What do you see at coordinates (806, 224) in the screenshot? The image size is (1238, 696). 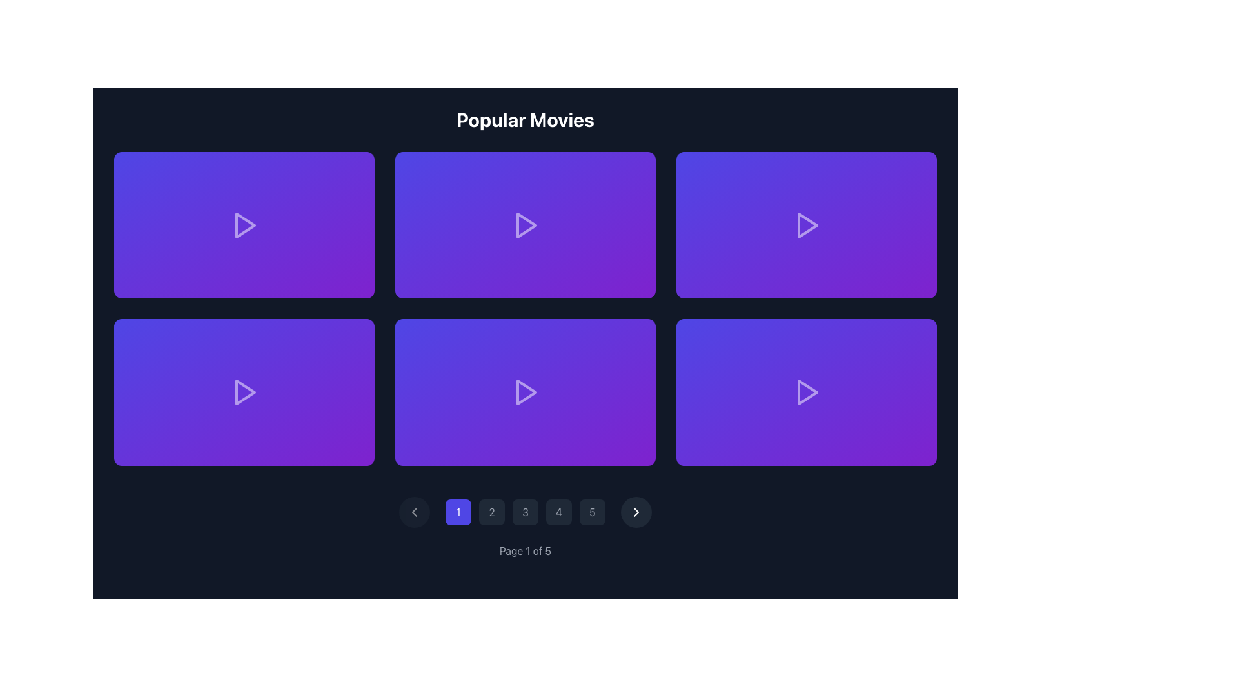 I see `the play button located at the center of the Media card with a gradient background transitioning from indigo to purple, which is positioned in the top-right corner of the grid layout` at bounding box center [806, 224].